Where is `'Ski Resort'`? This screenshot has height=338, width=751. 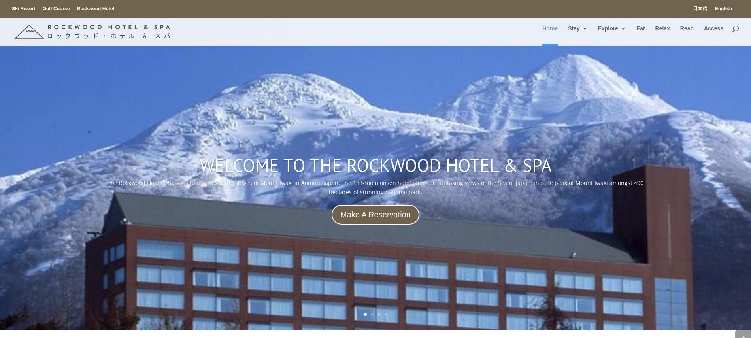
'Ski Resort' is located at coordinates (12, 8).